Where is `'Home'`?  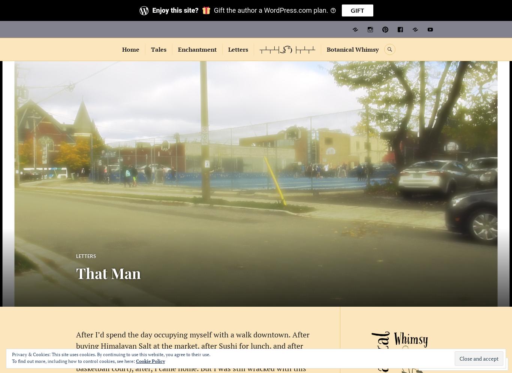
'Home' is located at coordinates (130, 49).